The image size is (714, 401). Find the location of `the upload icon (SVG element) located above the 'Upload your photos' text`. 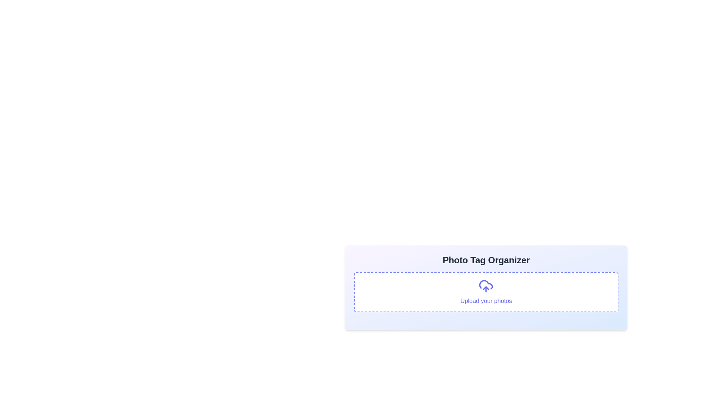

the upload icon (SVG element) located above the 'Upload your photos' text is located at coordinates (486, 286).